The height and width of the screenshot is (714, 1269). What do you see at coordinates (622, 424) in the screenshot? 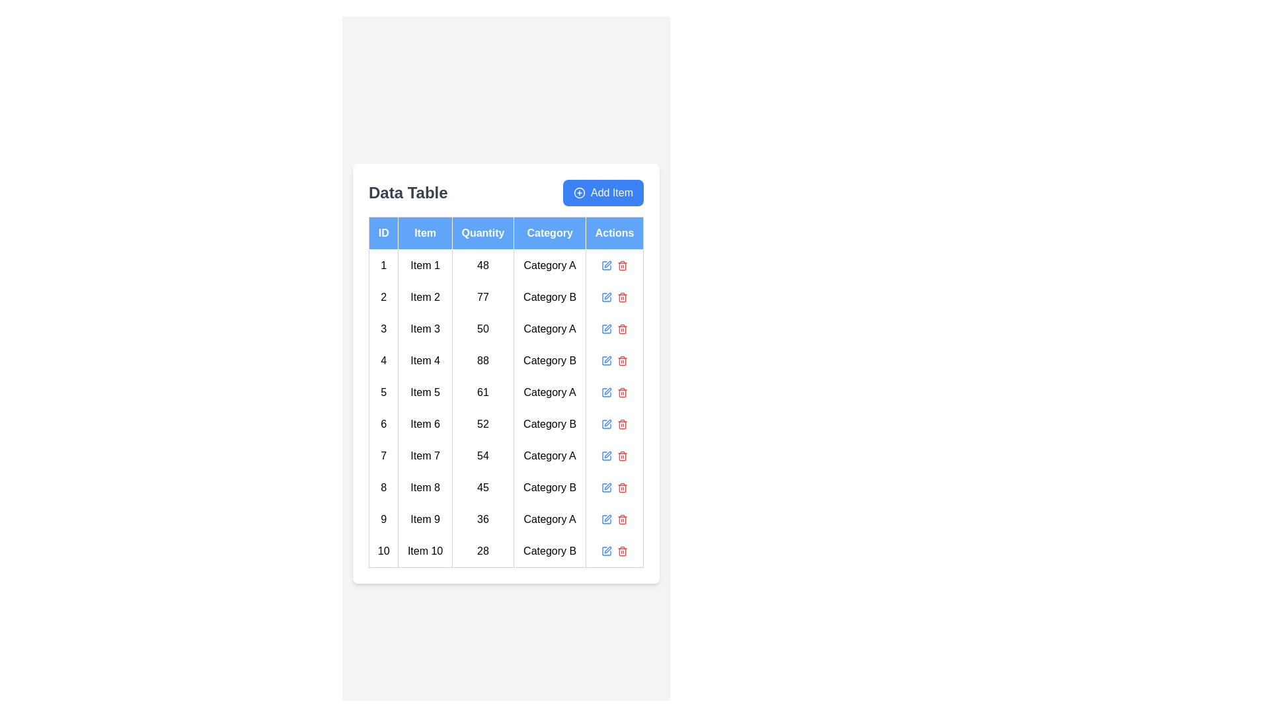
I see `the small red trash icon in the 'Actions' column of the sixth row` at bounding box center [622, 424].